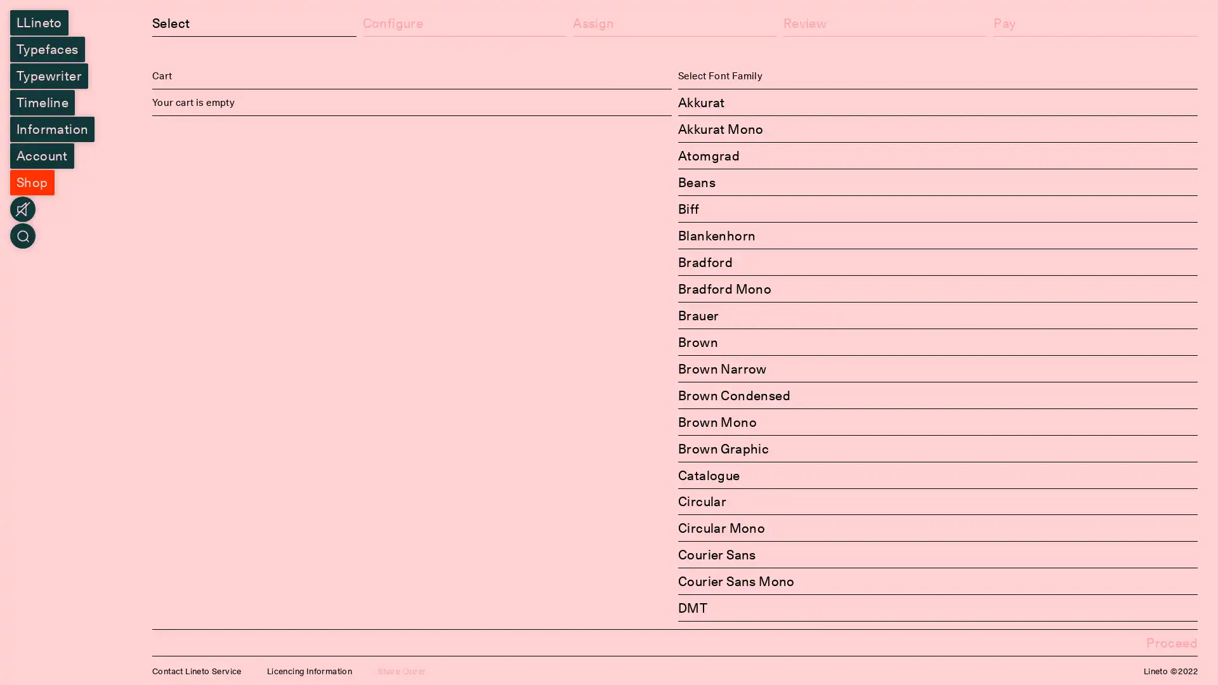 The image size is (1218, 685). What do you see at coordinates (401, 670) in the screenshot?
I see `Share Order` at bounding box center [401, 670].